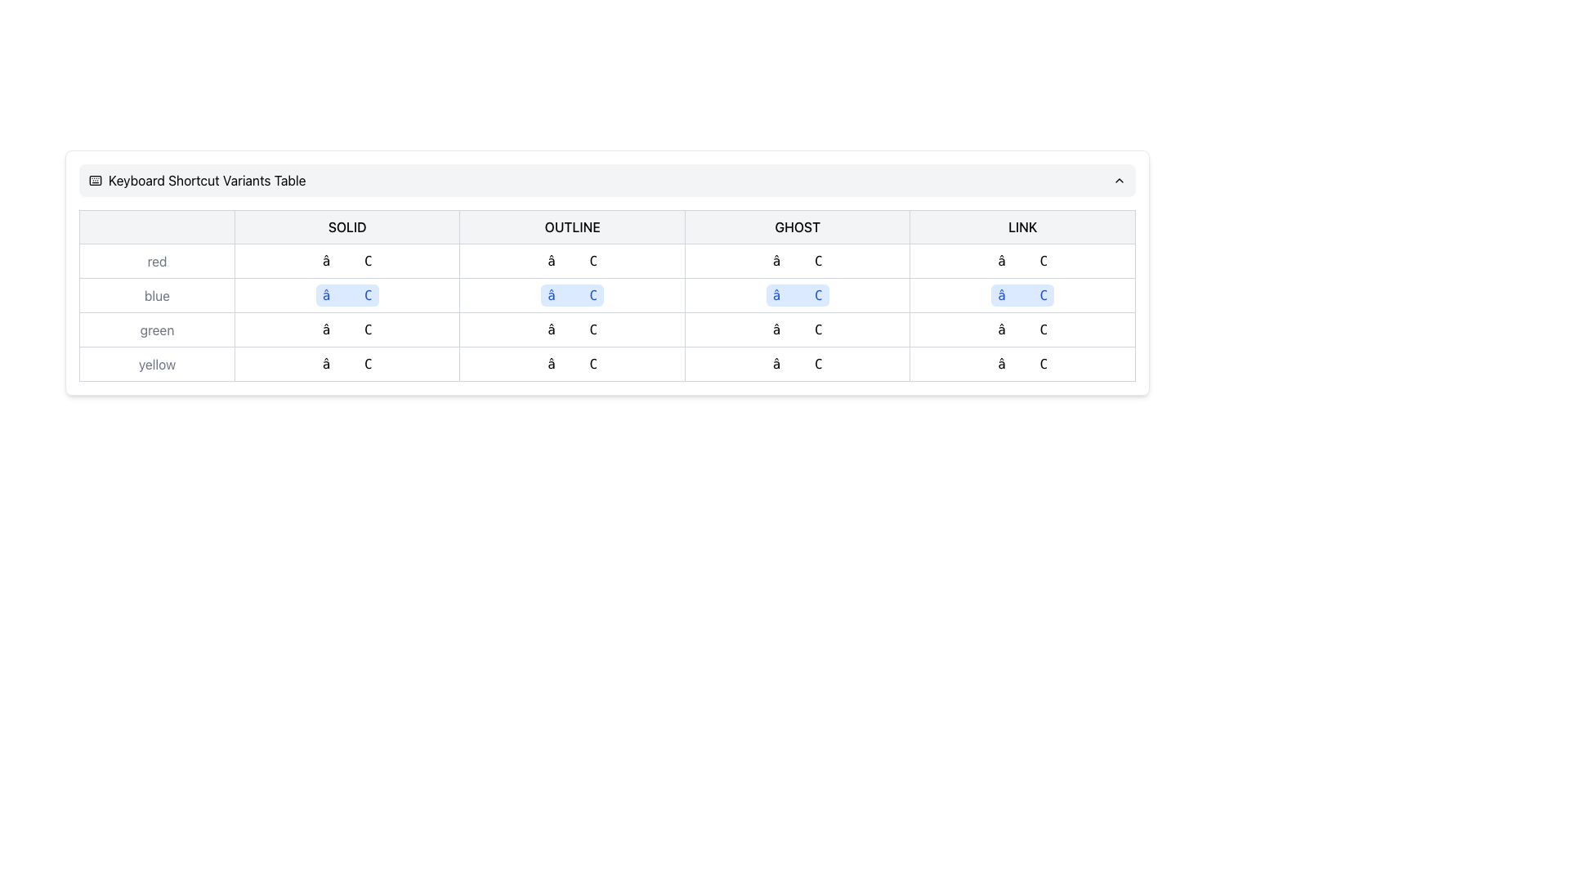 The image size is (1569, 883). Describe the element at coordinates (157, 260) in the screenshot. I see `text from the label indicating the color 'red', which is located in the first column of the top row in the table` at that location.